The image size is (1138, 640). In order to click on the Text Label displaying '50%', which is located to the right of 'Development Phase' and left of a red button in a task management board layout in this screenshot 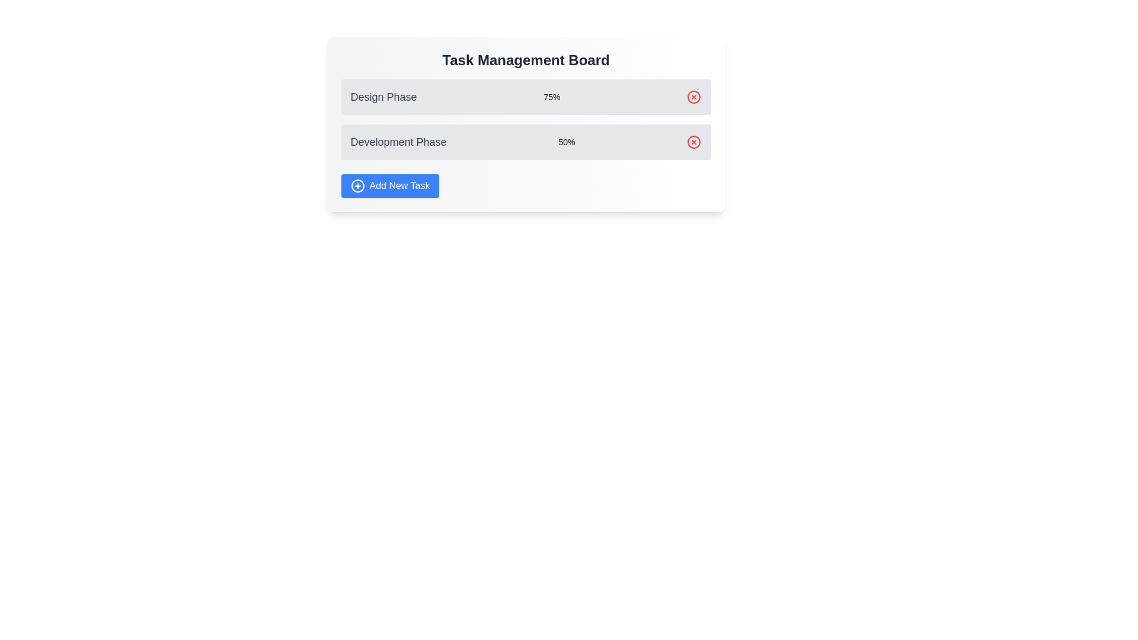, I will do `click(566, 141)`.